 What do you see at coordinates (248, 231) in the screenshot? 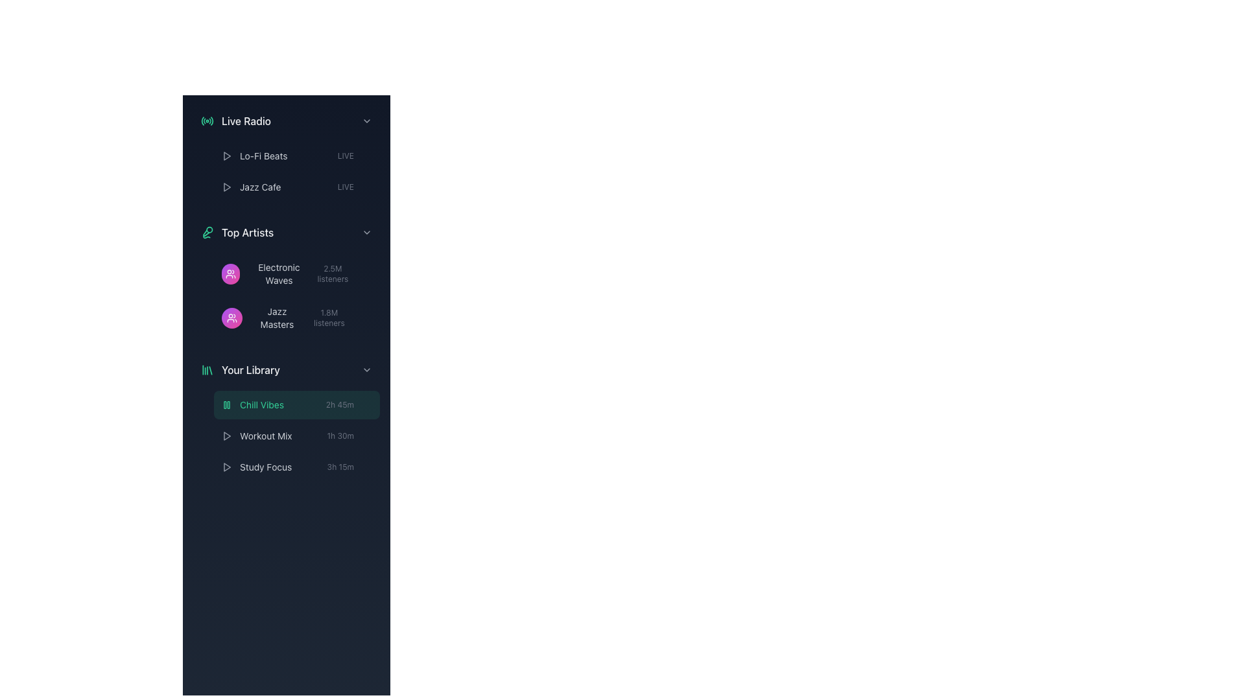
I see `the 'Top Artists' text label in the dark-themed sidebar navigation menu, located under the 'Live Radio' section` at bounding box center [248, 231].